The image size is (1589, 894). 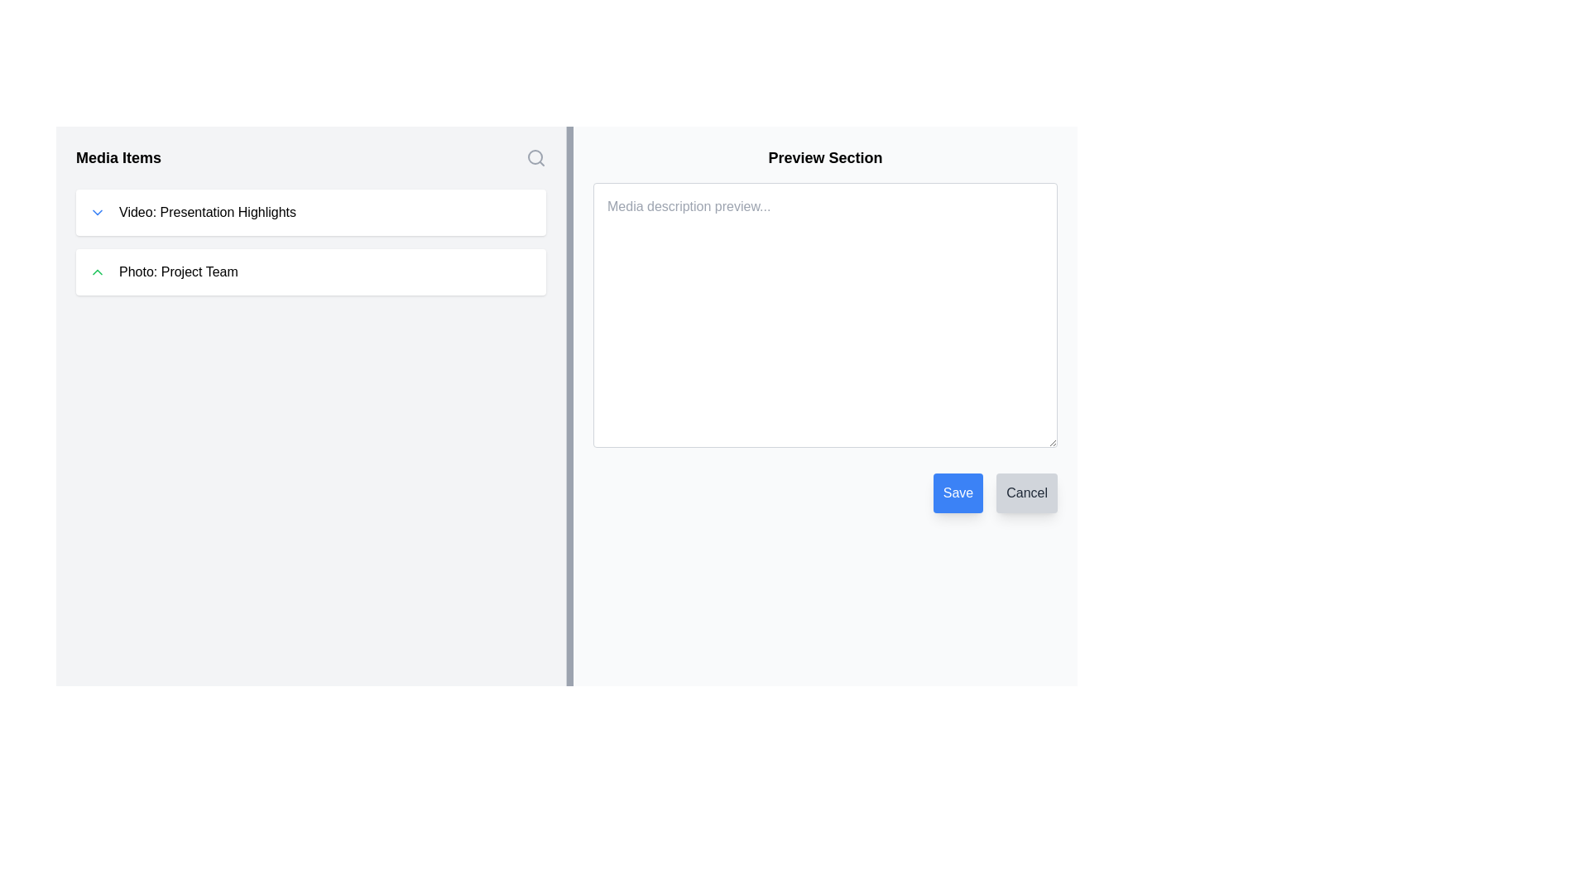 What do you see at coordinates (958, 493) in the screenshot?
I see `the confirmation button in the bottom-right area of the 'Preview Section'` at bounding box center [958, 493].